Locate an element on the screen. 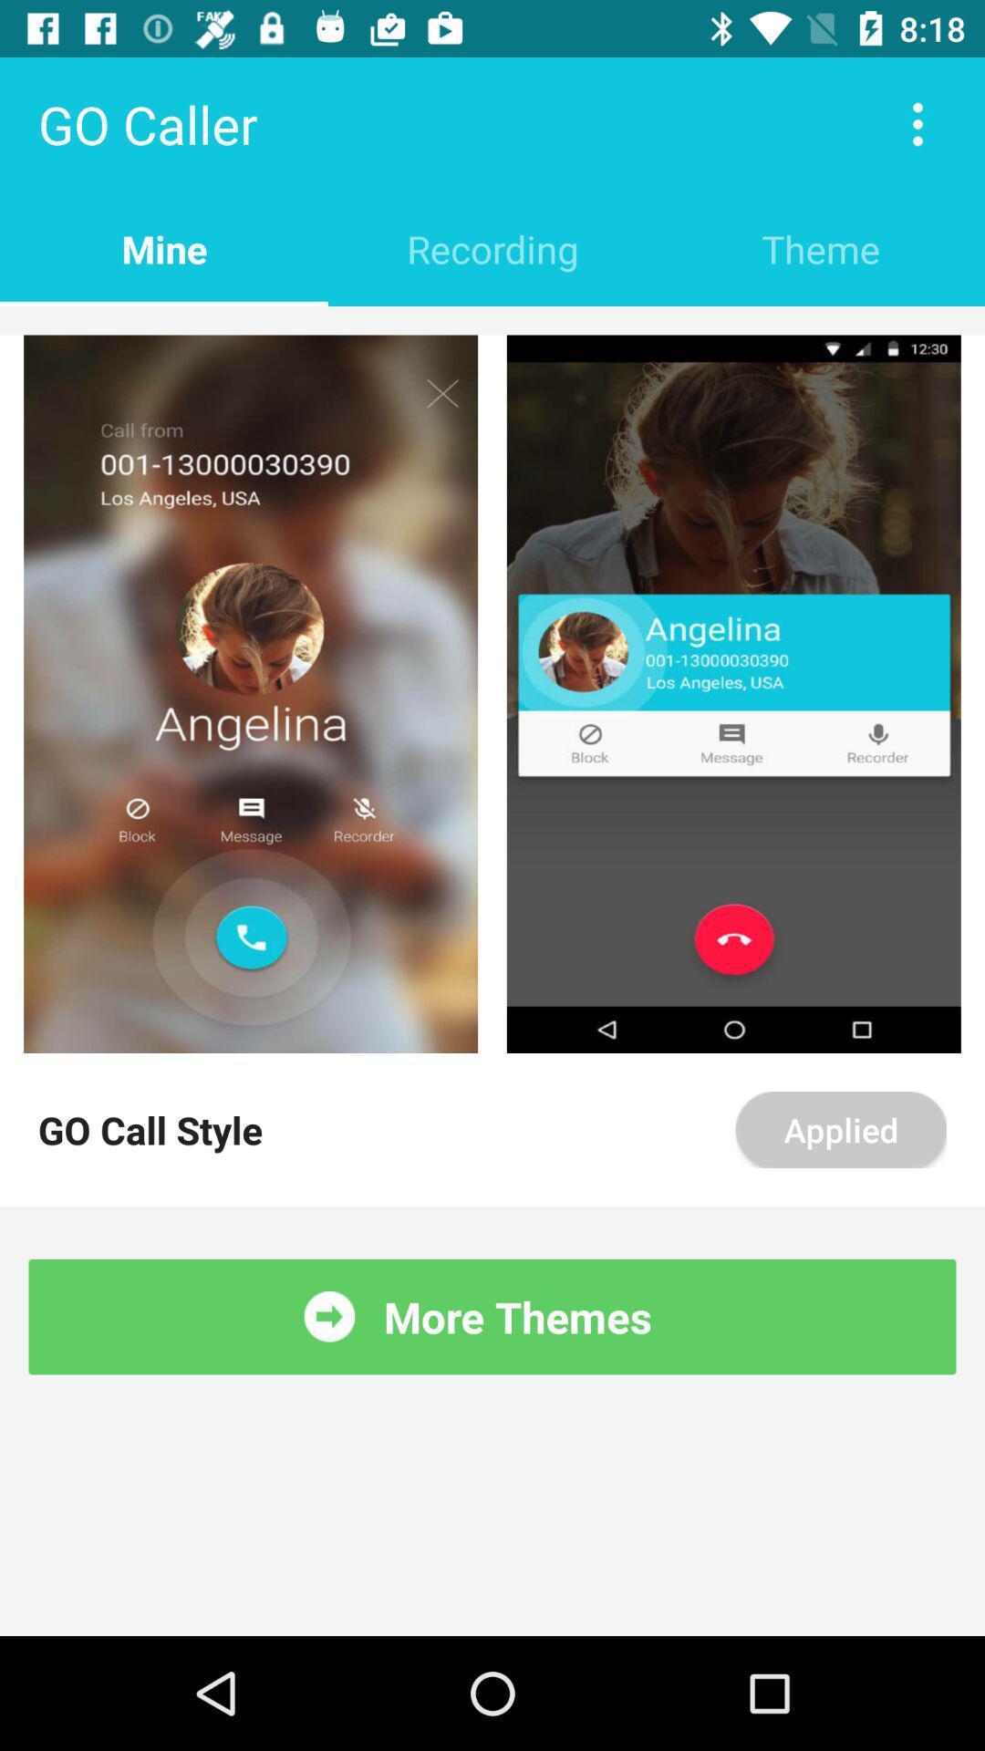  open menu is located at coordinates (918, 123).